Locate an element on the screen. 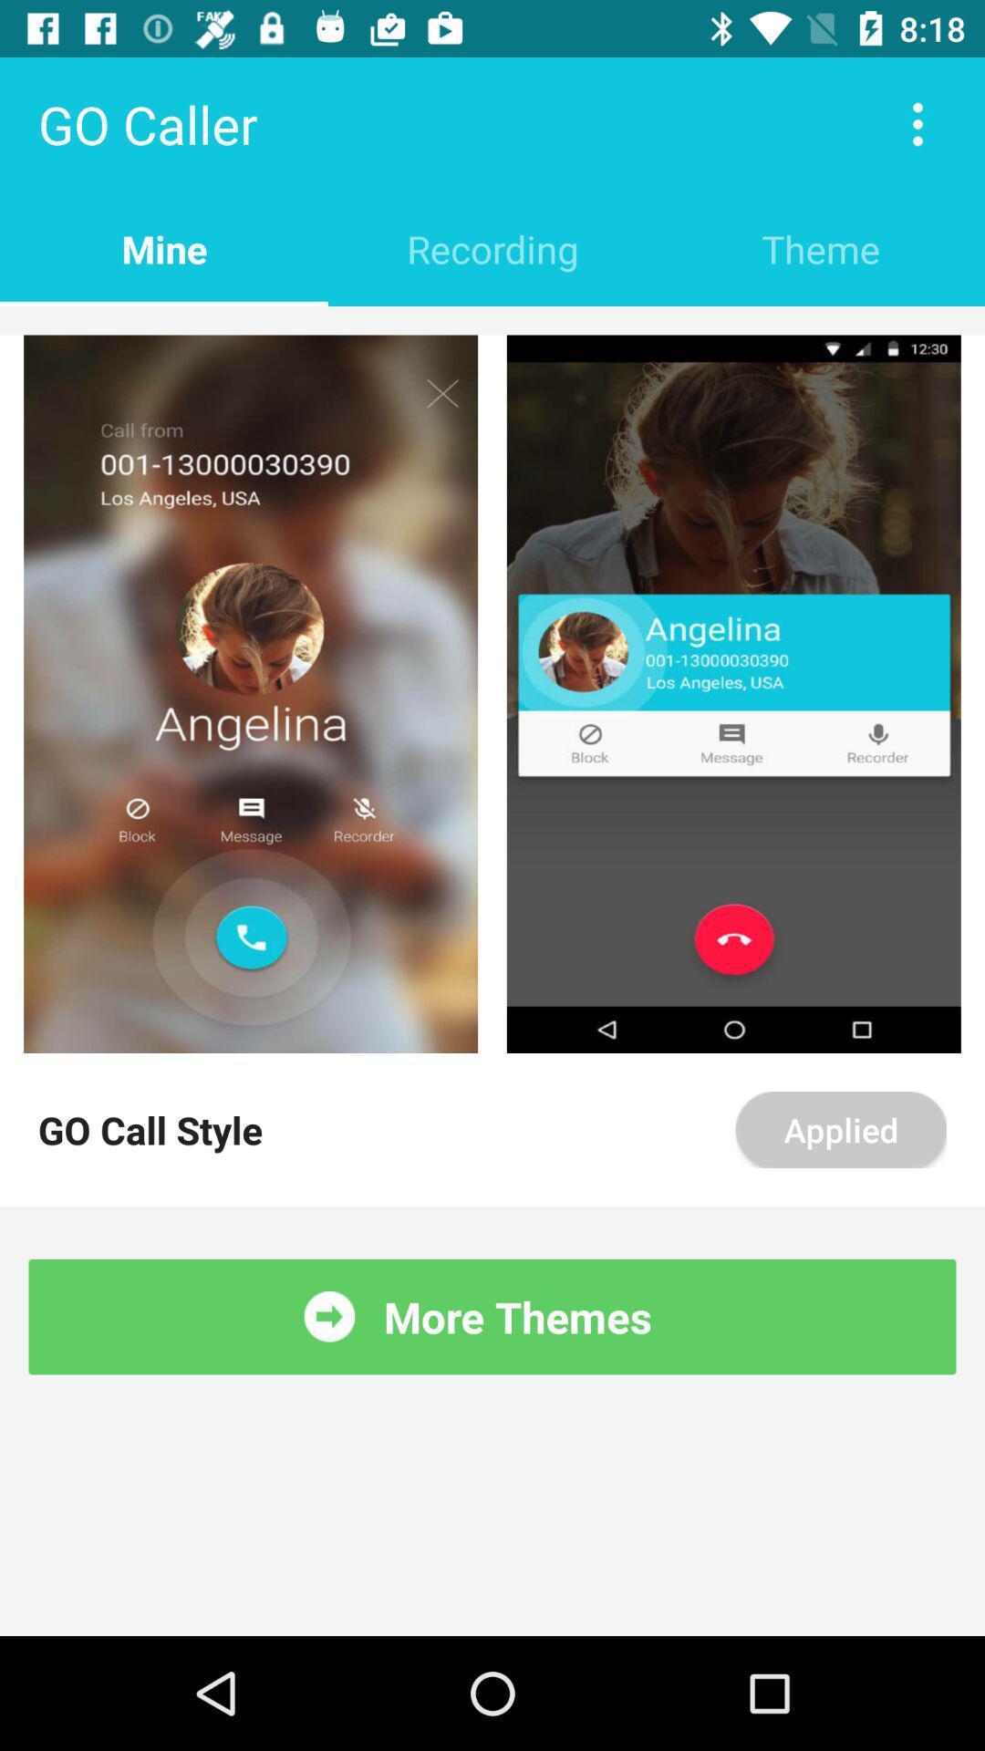  open menu is located at coordinates (918, 123).